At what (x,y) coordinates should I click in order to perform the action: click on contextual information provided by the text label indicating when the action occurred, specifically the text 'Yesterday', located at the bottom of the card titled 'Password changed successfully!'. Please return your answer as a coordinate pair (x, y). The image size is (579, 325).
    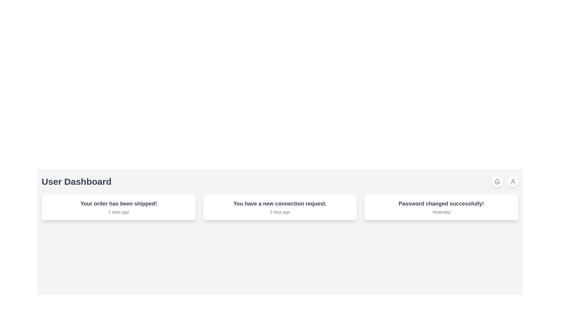
    Looking at the image, I should click on (441, 212).